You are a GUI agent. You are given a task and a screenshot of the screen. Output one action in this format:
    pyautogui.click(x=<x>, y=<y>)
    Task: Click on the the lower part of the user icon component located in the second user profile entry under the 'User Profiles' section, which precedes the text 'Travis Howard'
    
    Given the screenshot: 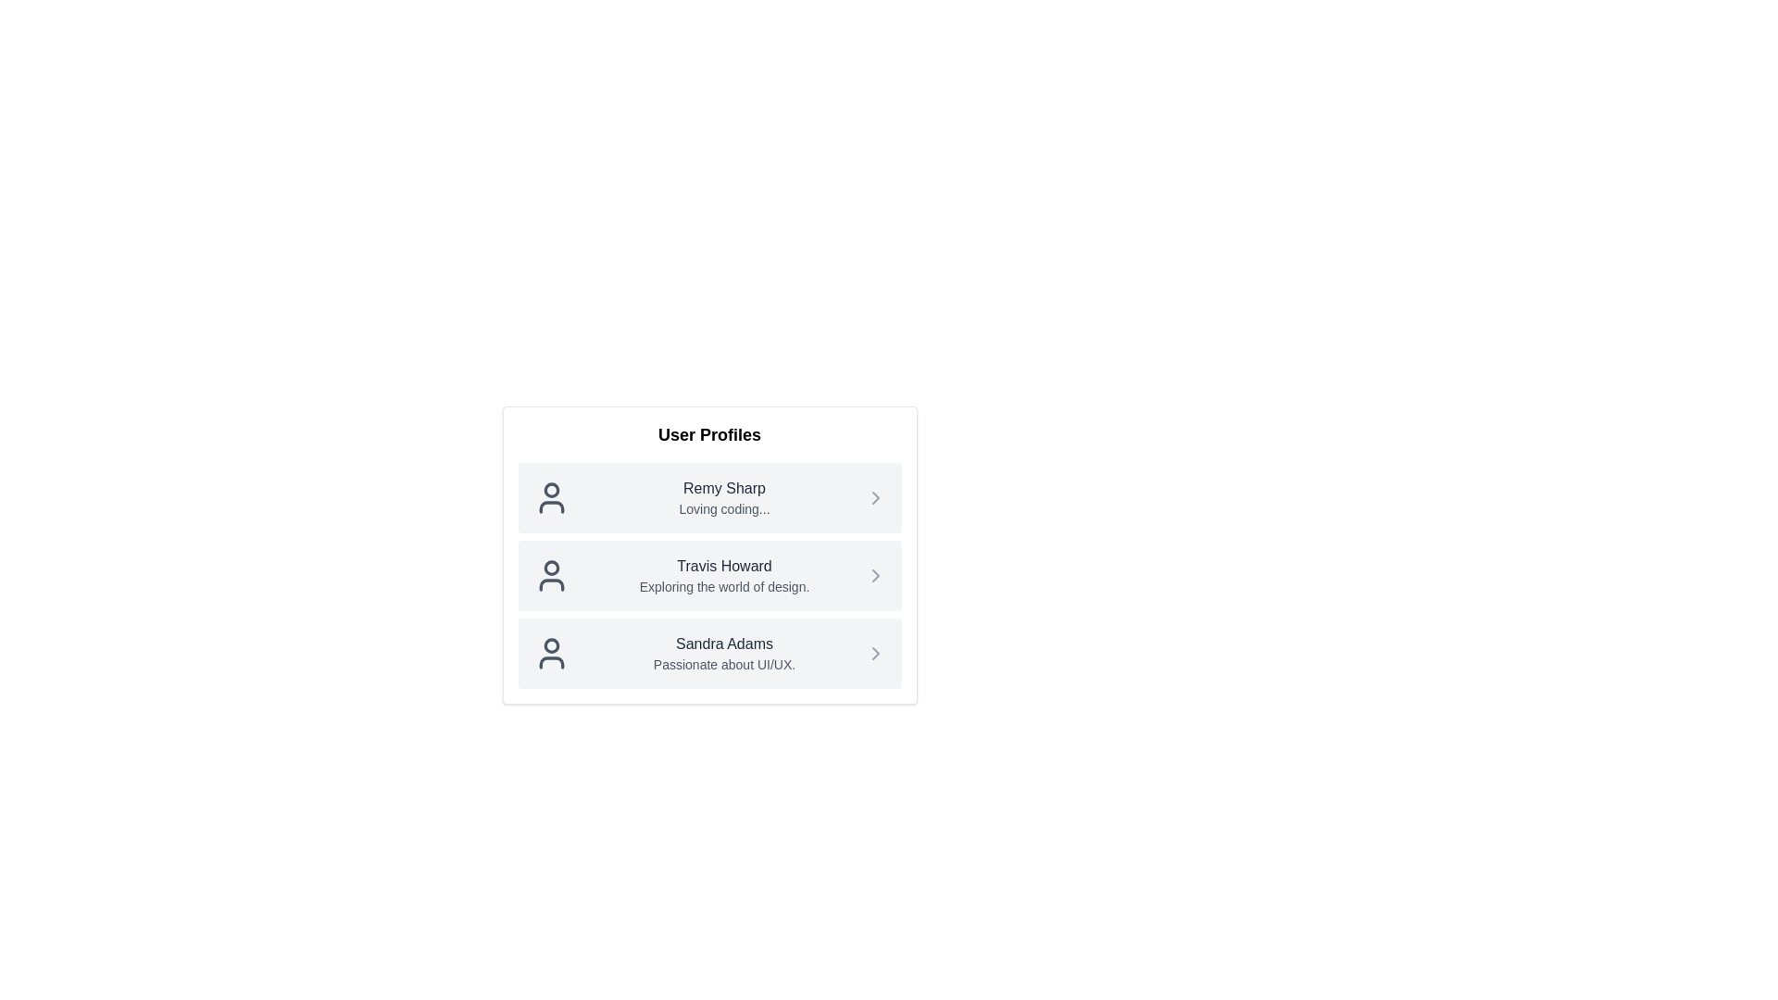 What is the action you would take?
    pyautogui.click(x=550, y=585)
    